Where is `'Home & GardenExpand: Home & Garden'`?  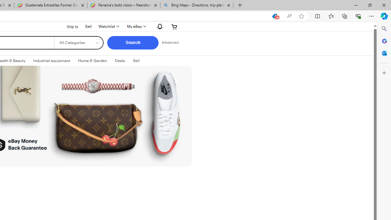
'Home & GardenExpand: Home & Garden' is located at coordinates (92, 61).